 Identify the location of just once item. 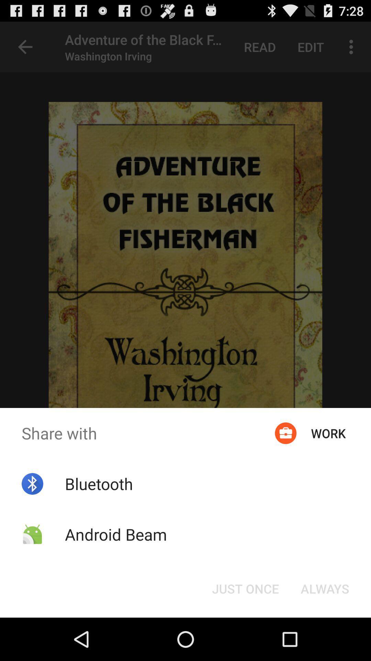
(245, 588).